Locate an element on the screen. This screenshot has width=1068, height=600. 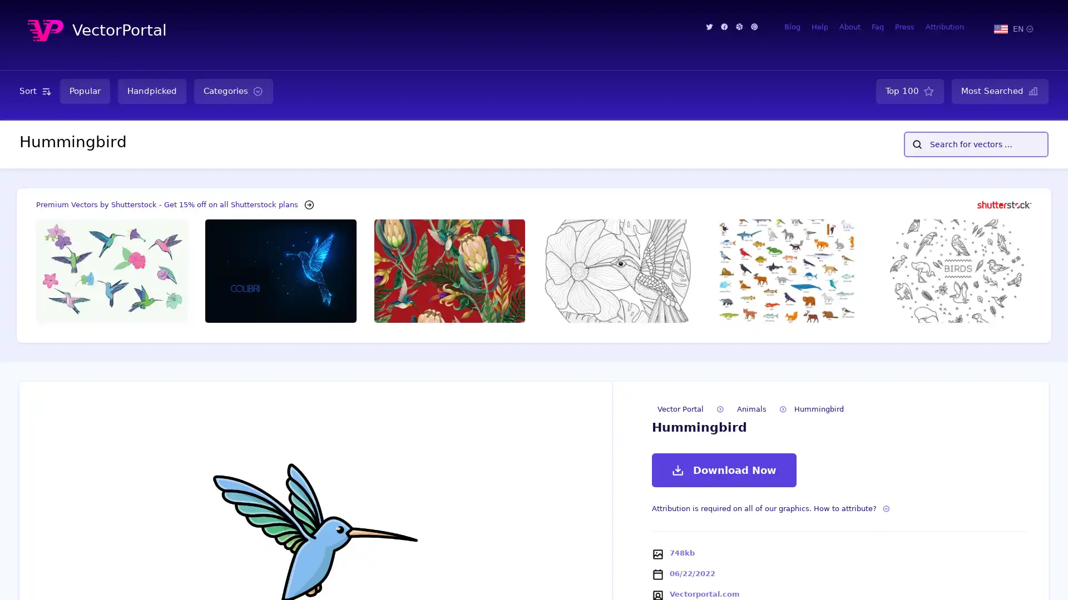
Categories is located at coordinates (233, 91).